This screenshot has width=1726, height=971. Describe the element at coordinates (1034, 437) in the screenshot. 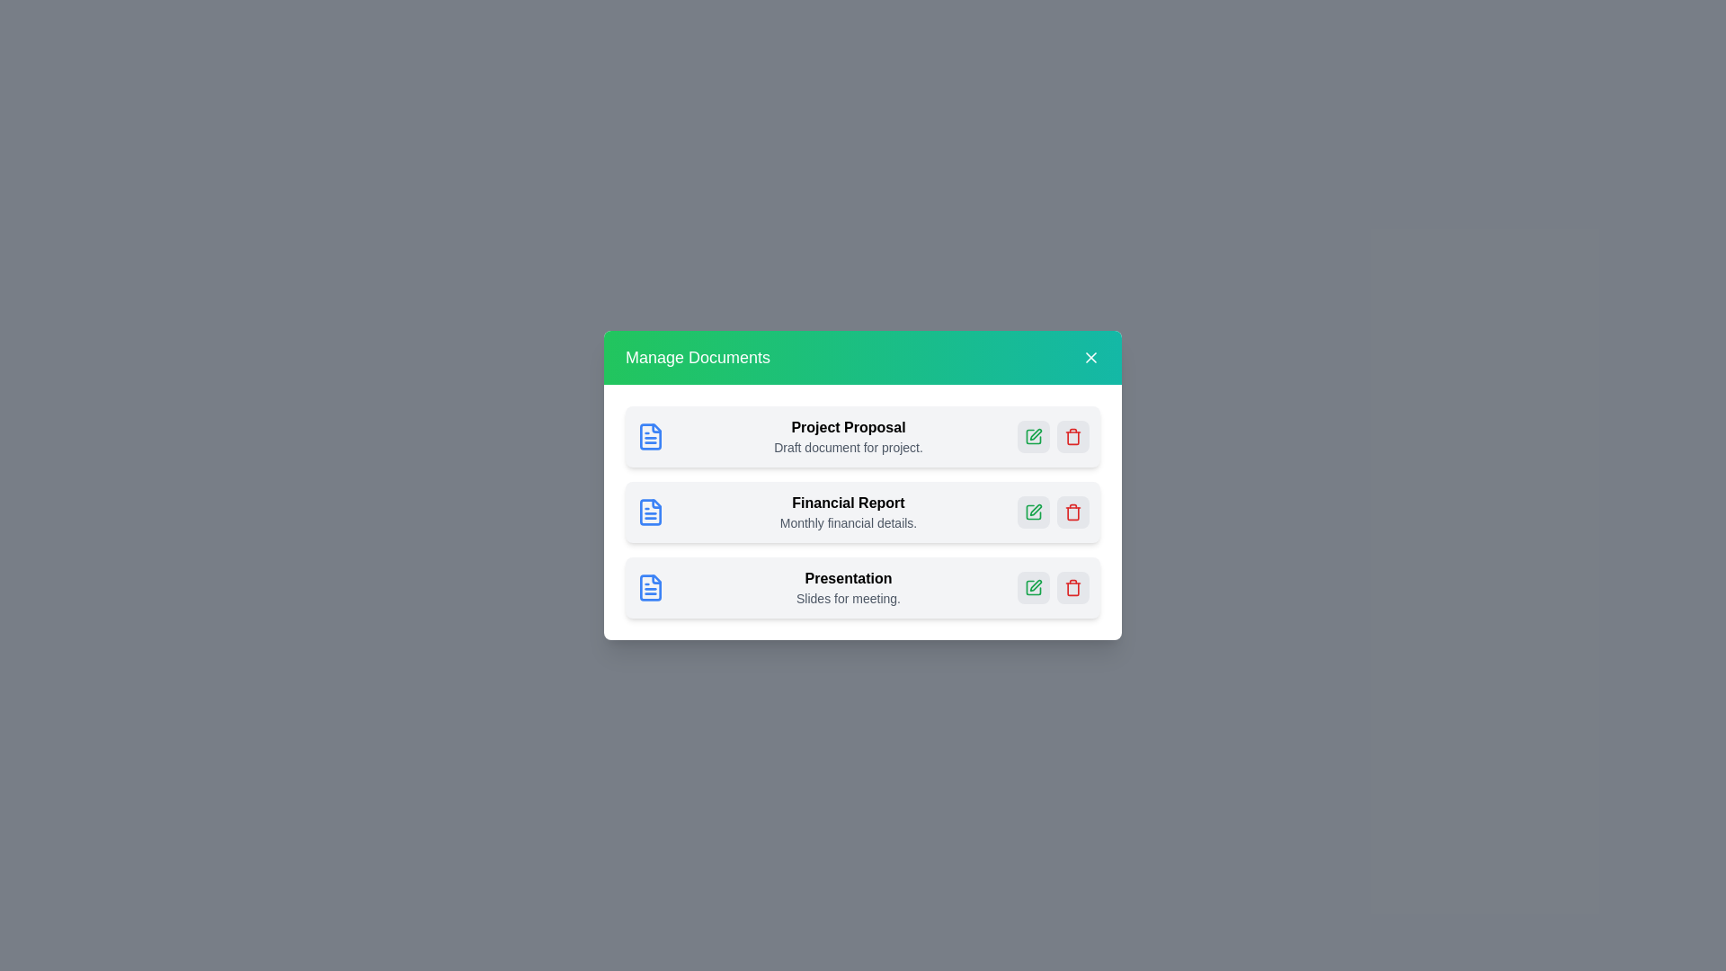

I see `edit button for the document named Project Proposal` at that location.